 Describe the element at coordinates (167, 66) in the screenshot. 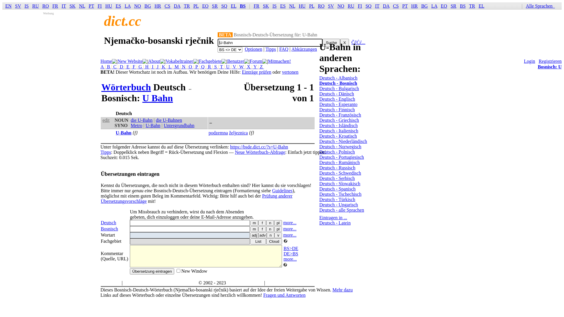

I see `'L'` at that location.